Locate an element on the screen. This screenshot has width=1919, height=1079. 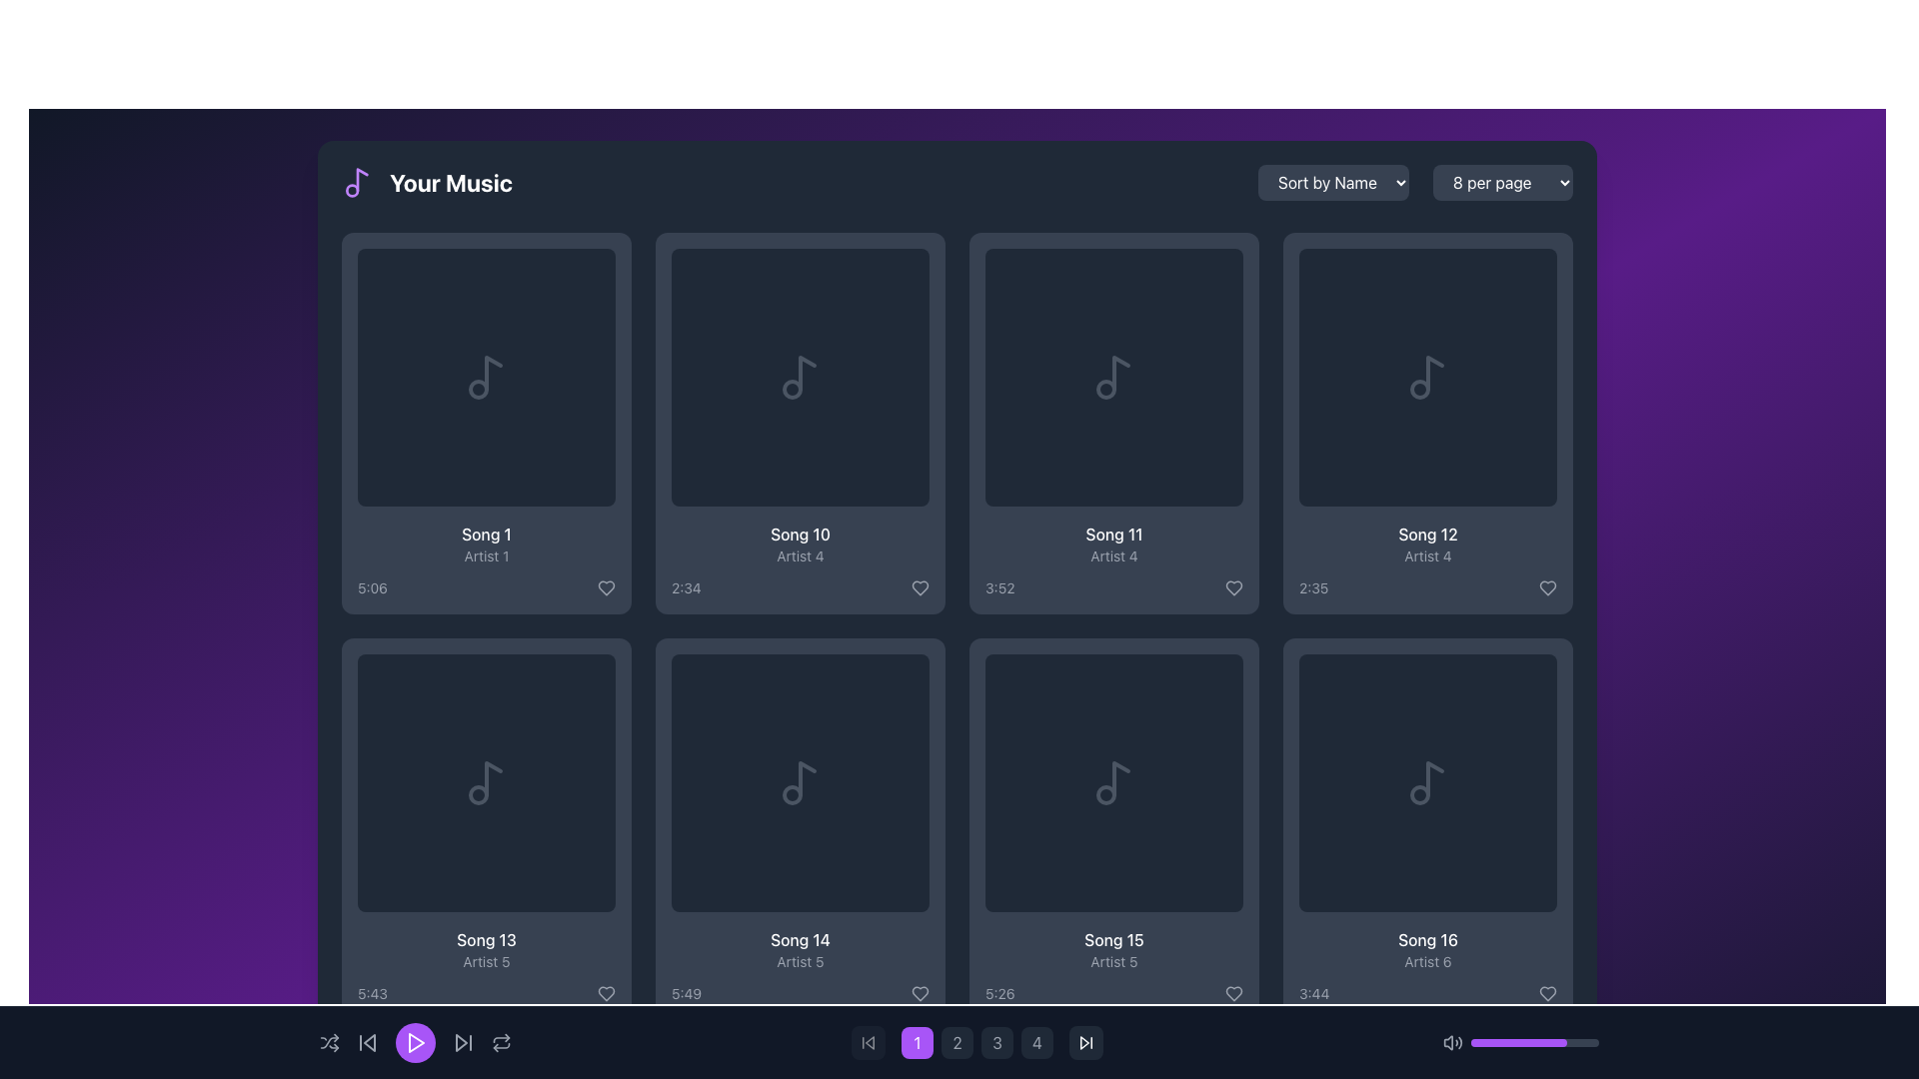
the button with a dark gray background and white text reading 'Sort by Name' located in the upper-right corner of the main content area is located at coordinates (1333, 182).